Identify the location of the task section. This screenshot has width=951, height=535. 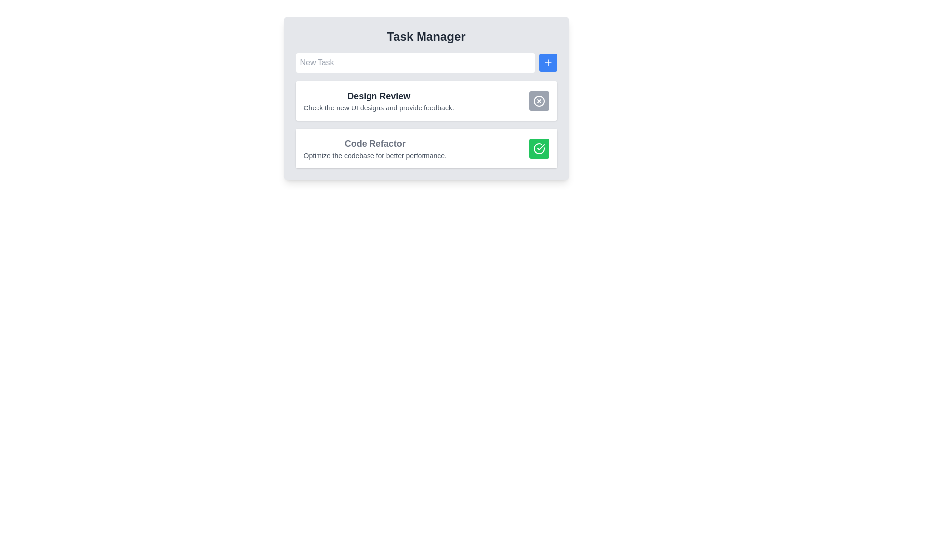
(378, 96).